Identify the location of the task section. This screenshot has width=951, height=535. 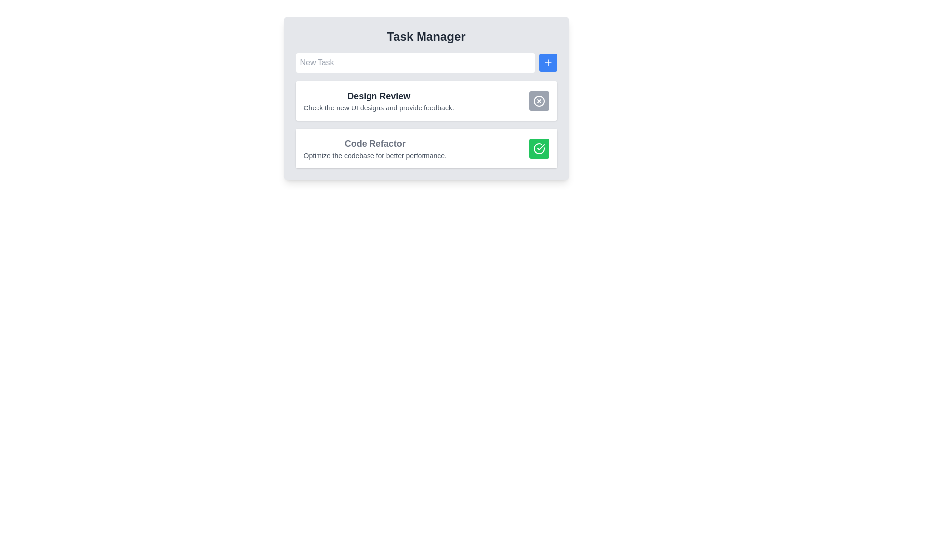
(378, 96).